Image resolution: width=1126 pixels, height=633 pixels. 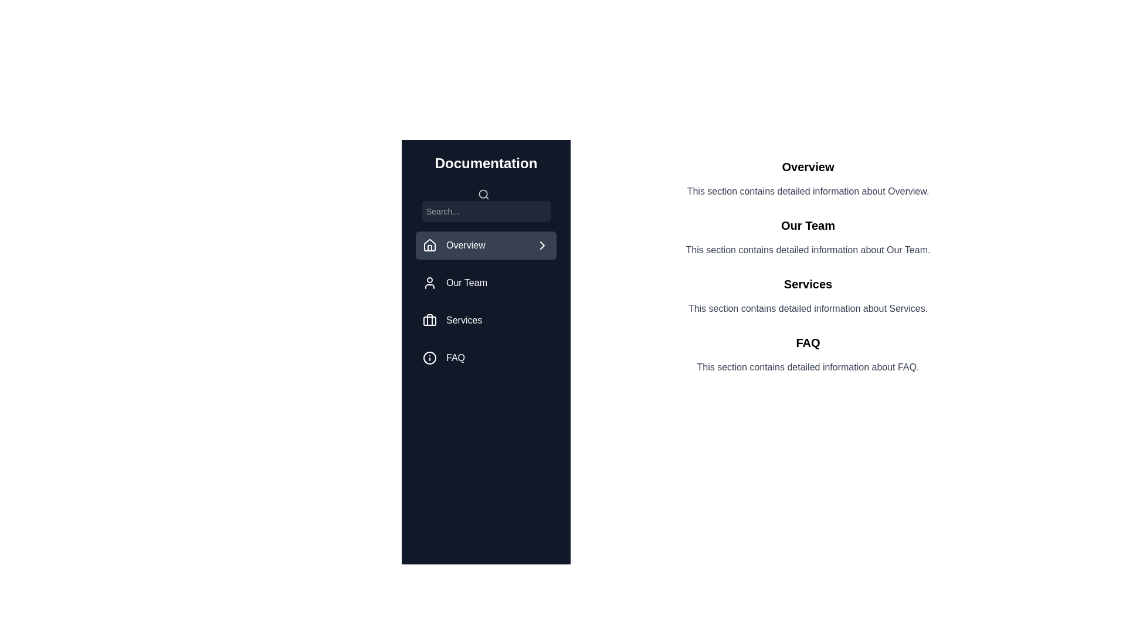 I want to click on the vertical vector graphic component that represents the 'Services' option in the sidebar menu, which is a decorative part of the UI, so click(x=429, y=320).